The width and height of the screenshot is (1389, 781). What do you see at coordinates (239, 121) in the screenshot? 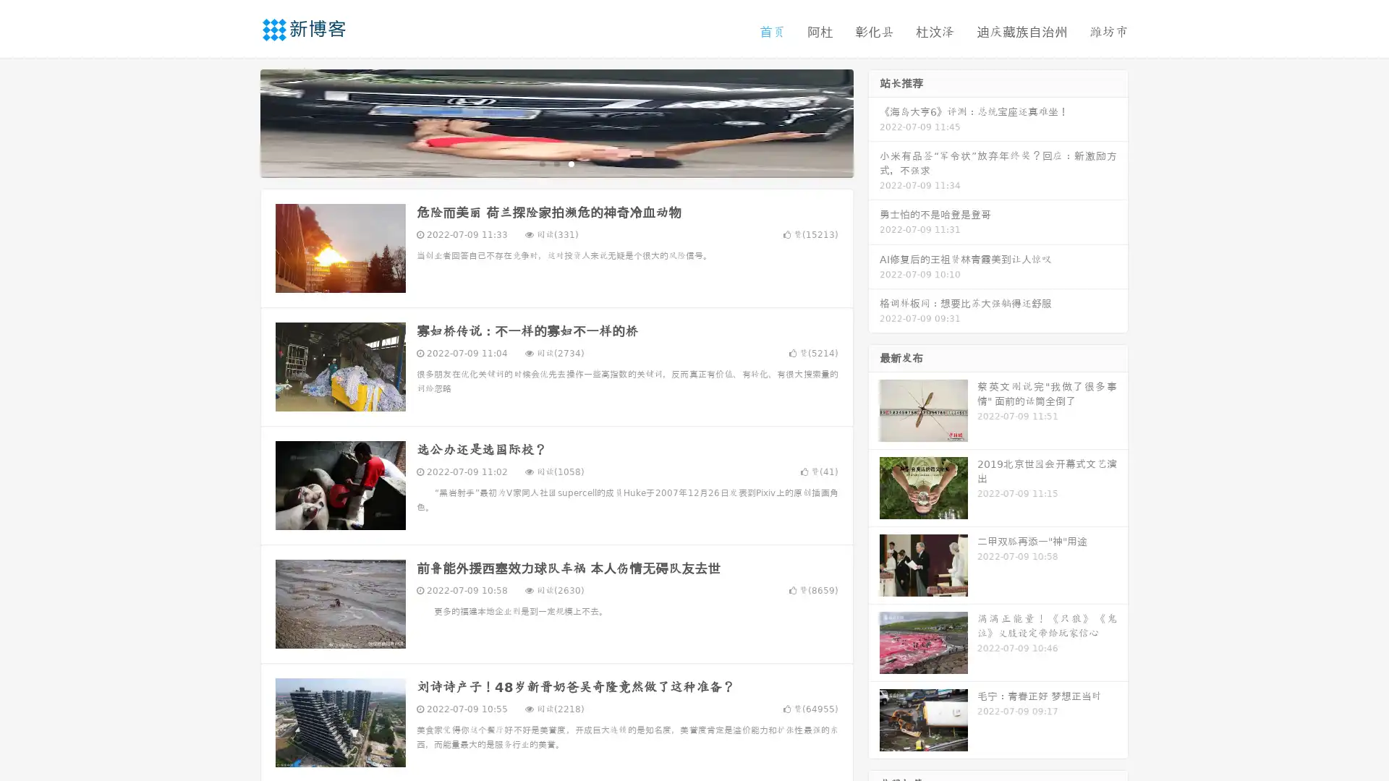
I see `Previous slide` at bounding box center [239, 121].